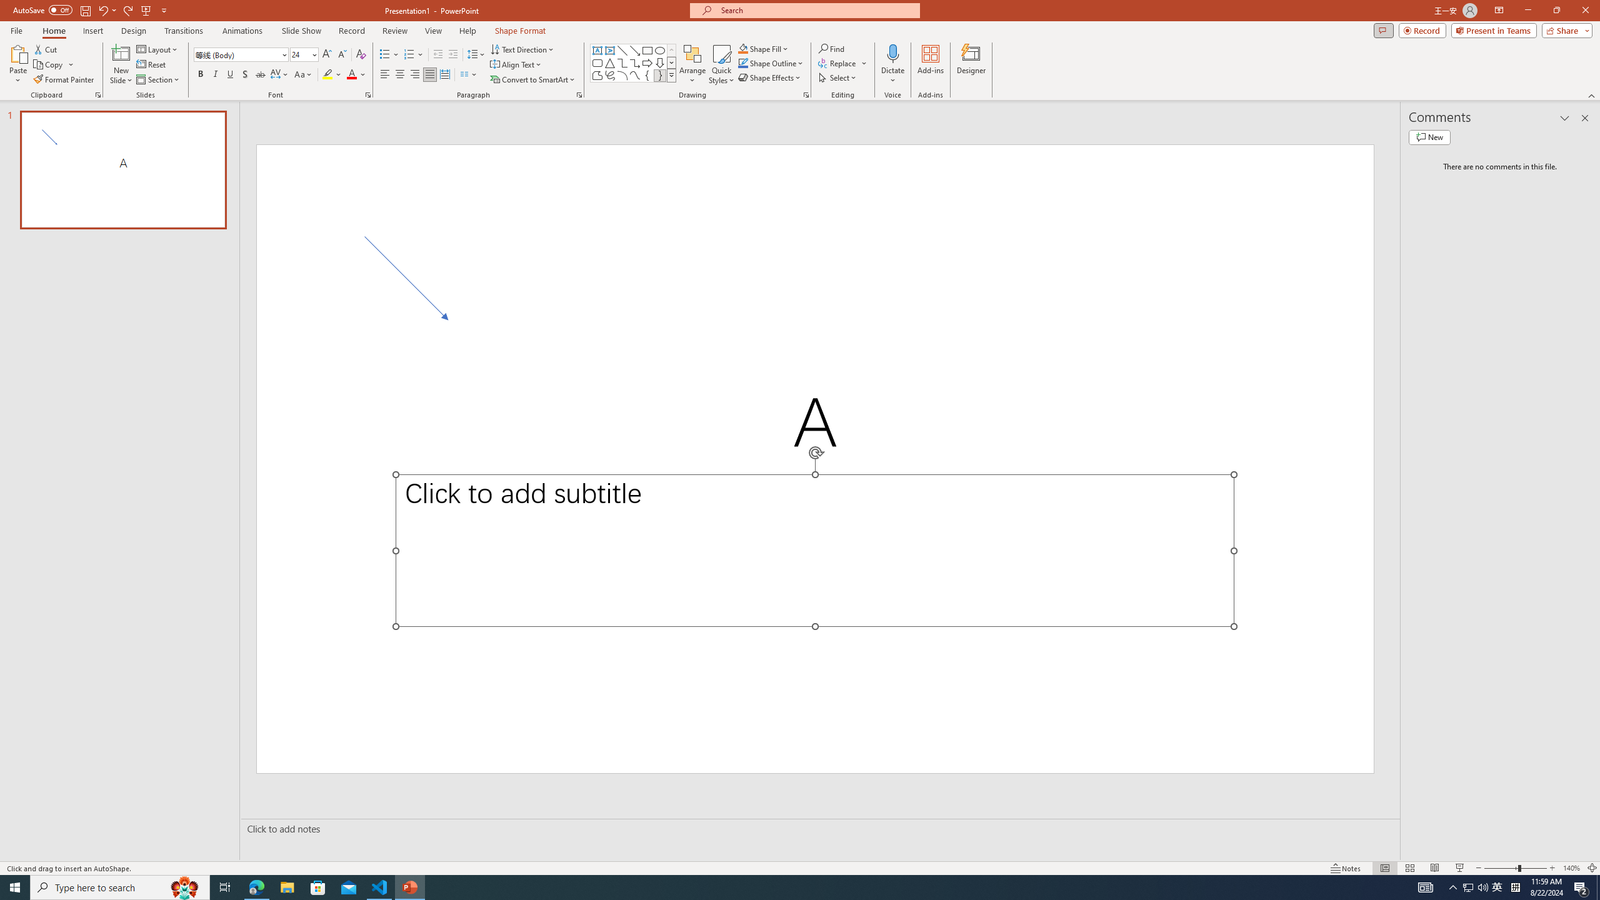  I want to click on 'Arc', so click(621, 74).